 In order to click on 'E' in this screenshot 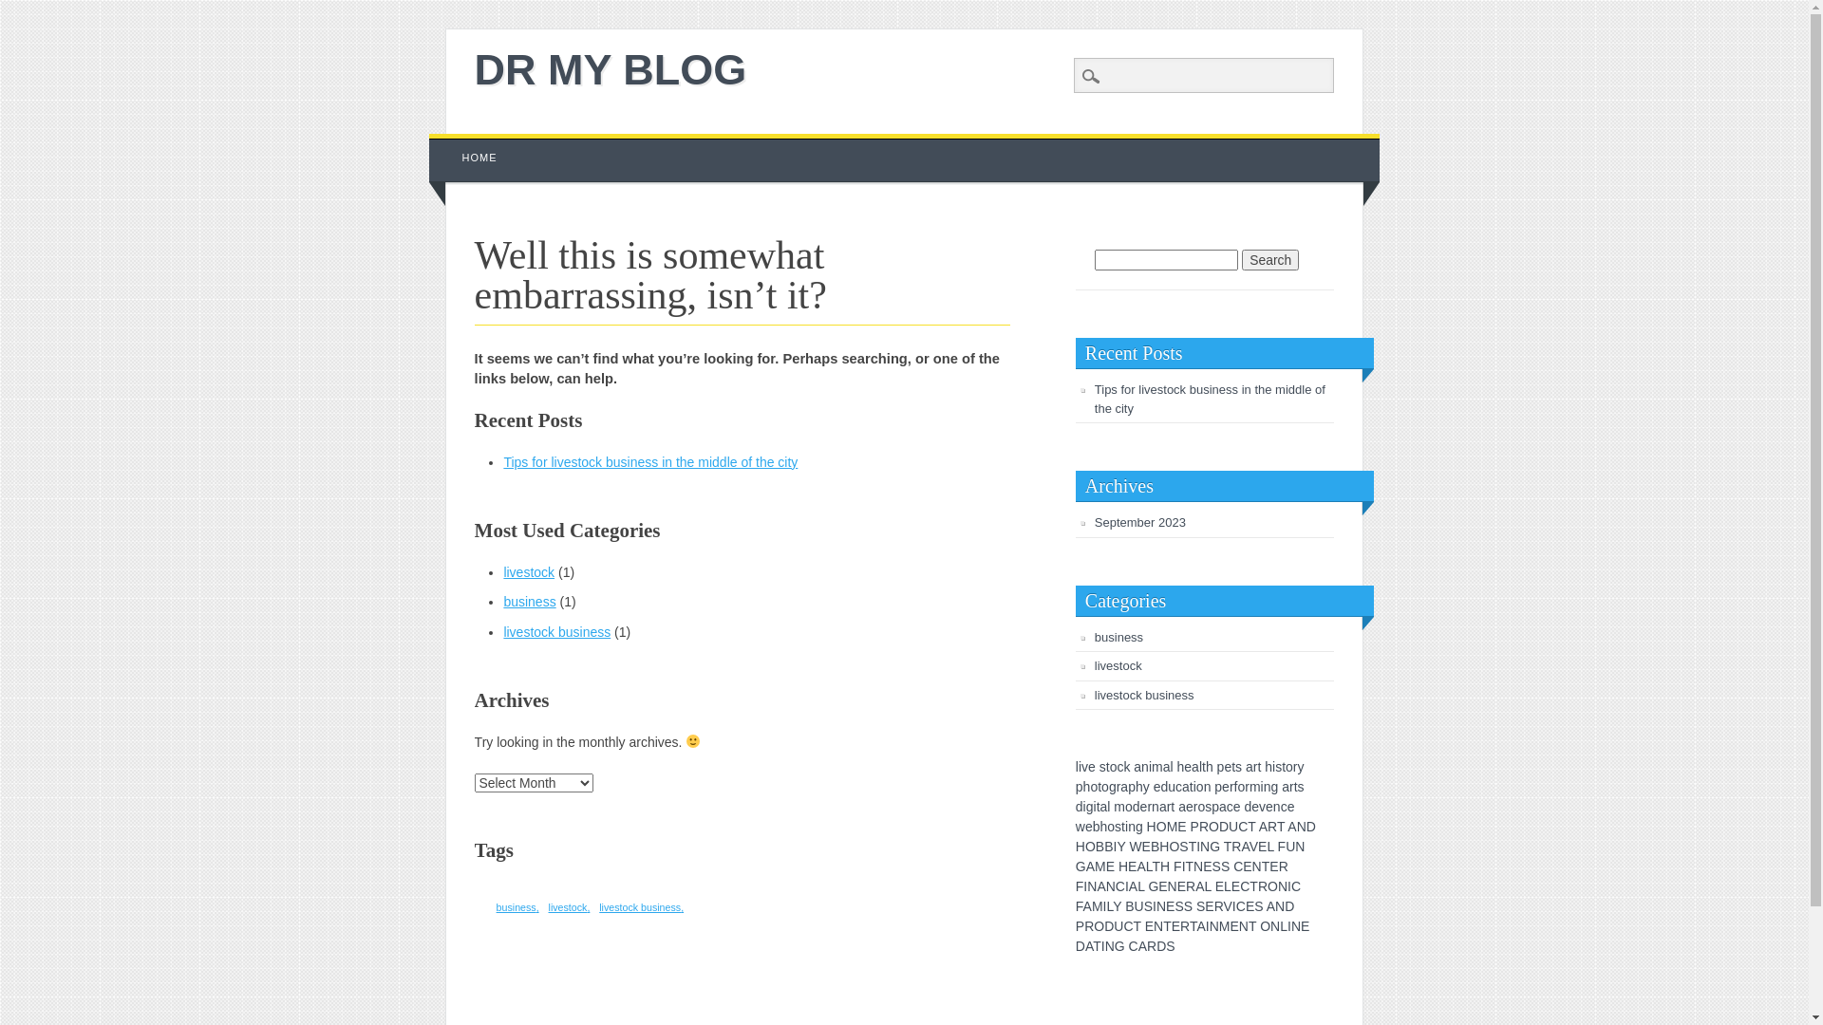, I will do `click(1180, 885)`.